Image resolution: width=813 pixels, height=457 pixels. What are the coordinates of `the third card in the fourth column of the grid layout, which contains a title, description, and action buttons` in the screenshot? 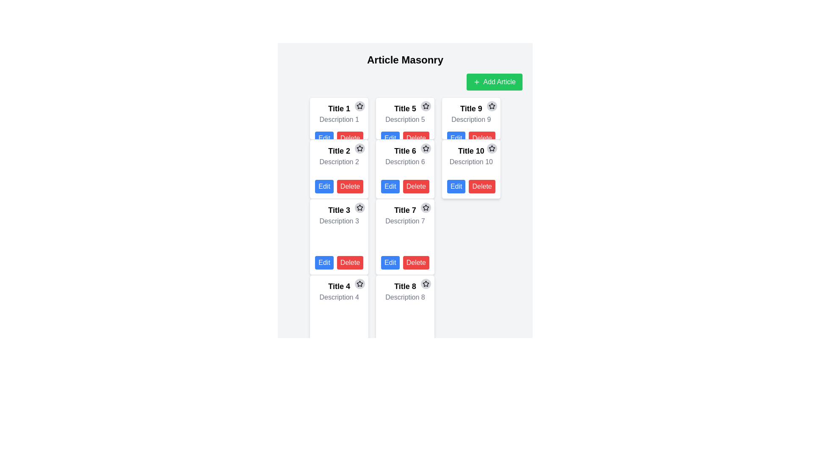 It's located at (470, 118).